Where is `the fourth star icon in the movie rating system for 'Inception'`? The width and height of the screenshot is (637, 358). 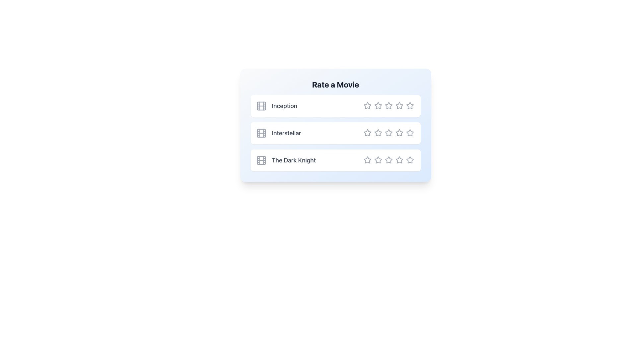
the fourth star icon in the movie rating system for 'Inception' is located at coordinates (399, 105).